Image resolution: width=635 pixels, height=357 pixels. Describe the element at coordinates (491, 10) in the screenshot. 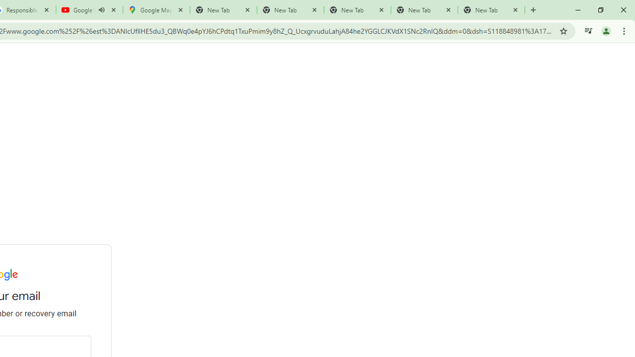

I see `'New Tab'` at that location.